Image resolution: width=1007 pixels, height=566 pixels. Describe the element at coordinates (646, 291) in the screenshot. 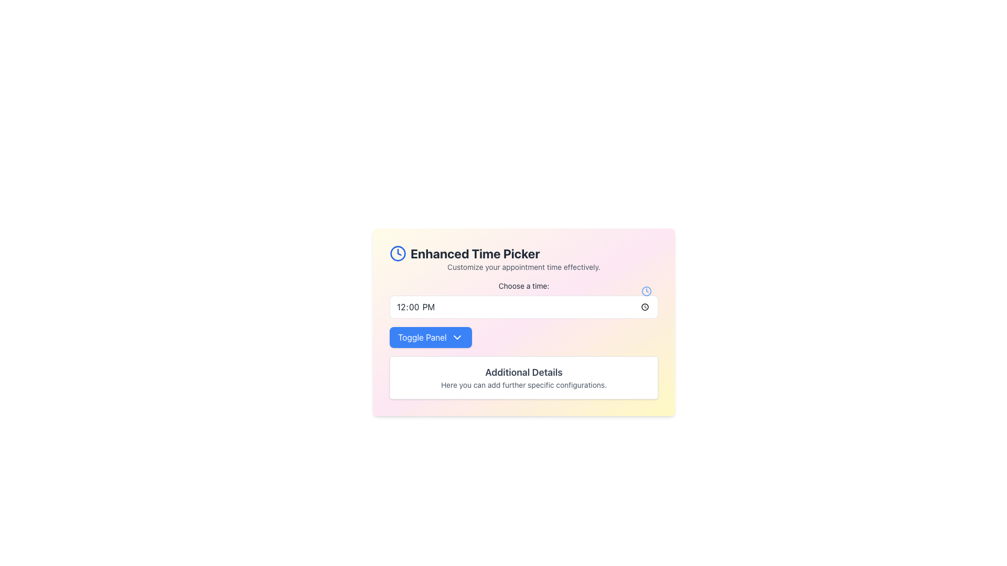

I see `the small circular clock icon with a blue outline located in the time-picker component panel, near the input field for selecting time` at that location.